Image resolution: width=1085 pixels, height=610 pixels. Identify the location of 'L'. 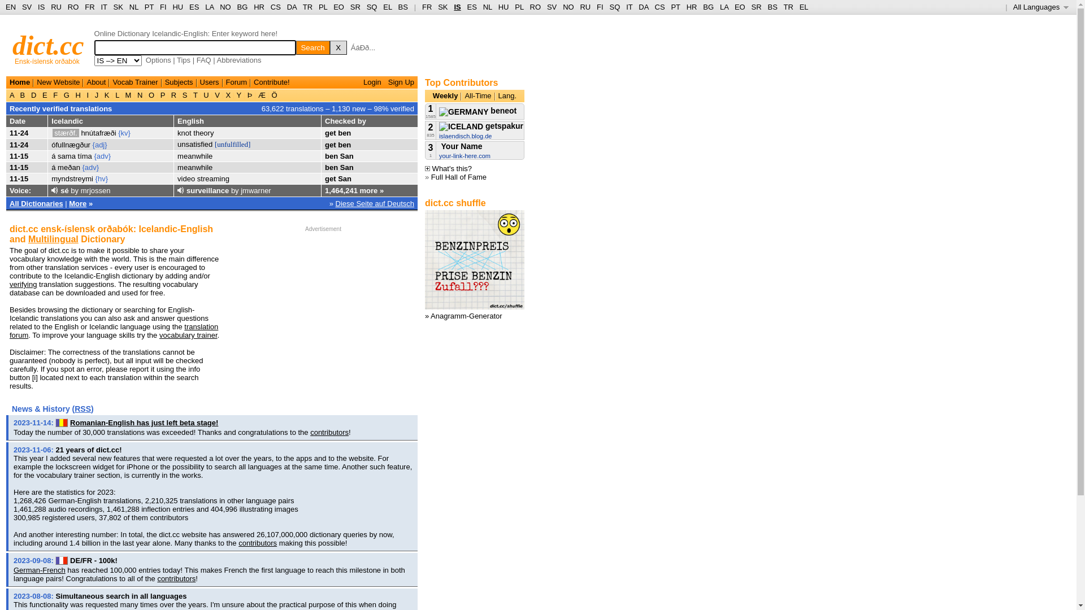
(117, 94).